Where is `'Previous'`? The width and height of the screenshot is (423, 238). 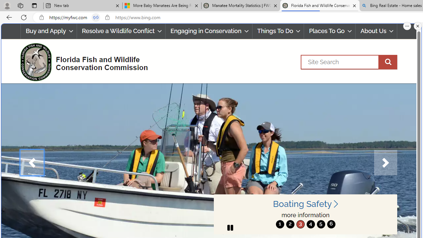
'Previous' is located at coordinates (31, 163).